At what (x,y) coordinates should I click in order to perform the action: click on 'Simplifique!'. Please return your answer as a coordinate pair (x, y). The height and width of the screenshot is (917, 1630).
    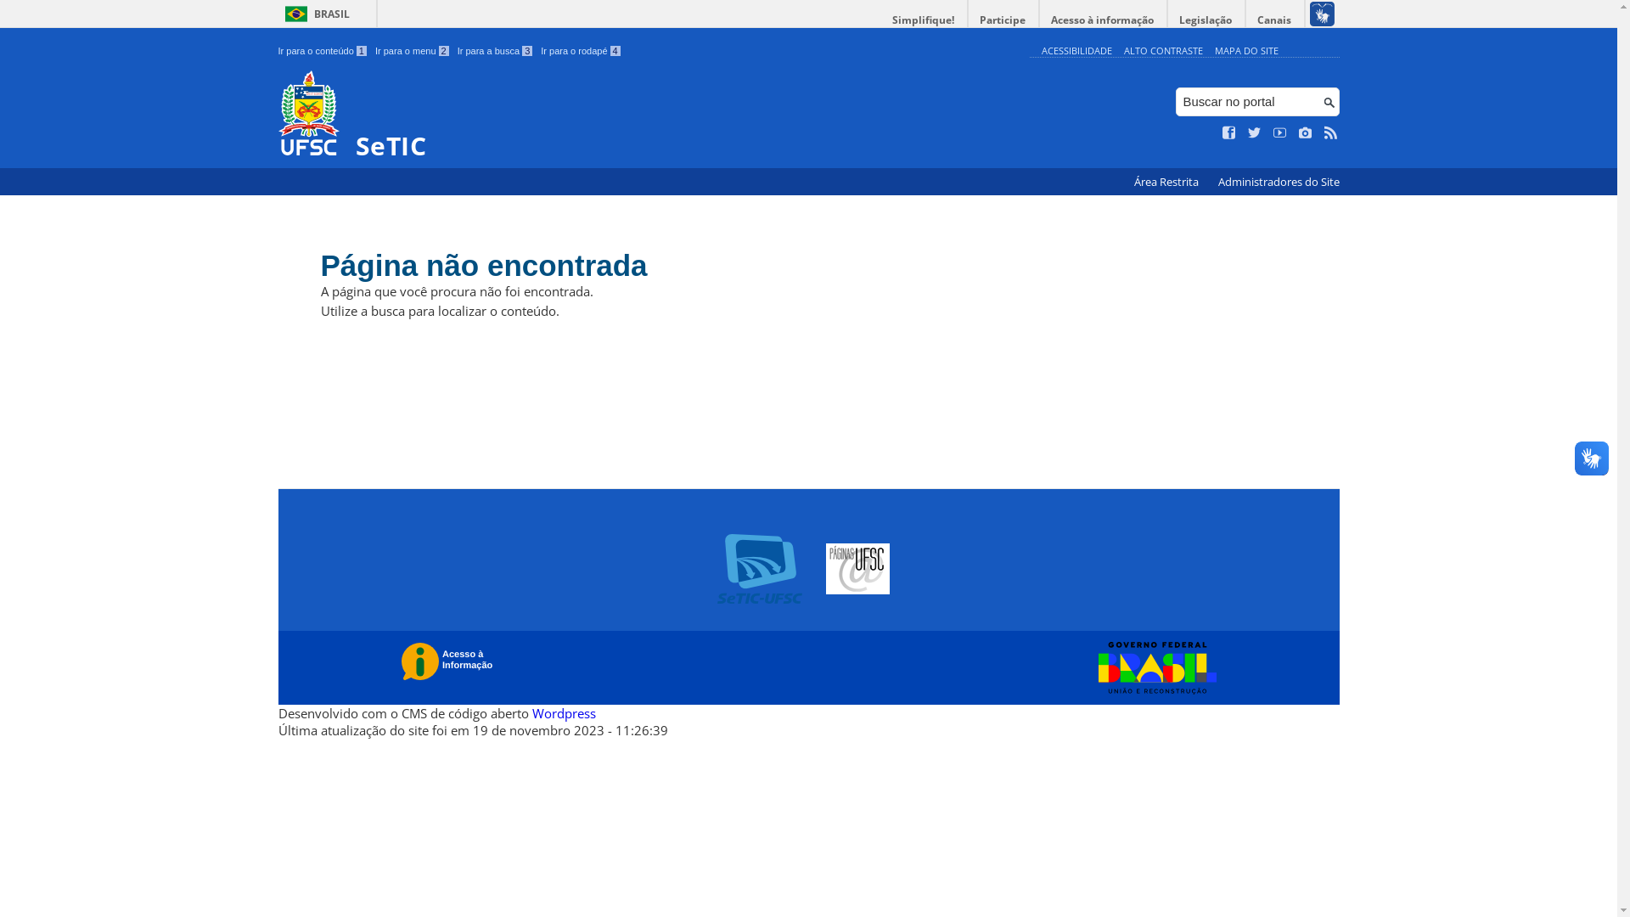
    Looking at the image, I should click on (923, 20).